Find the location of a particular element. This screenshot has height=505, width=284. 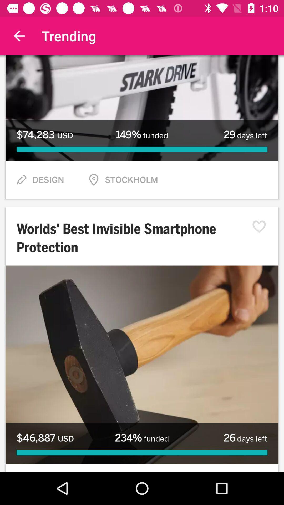

design item is located at coordinates (48, 180).